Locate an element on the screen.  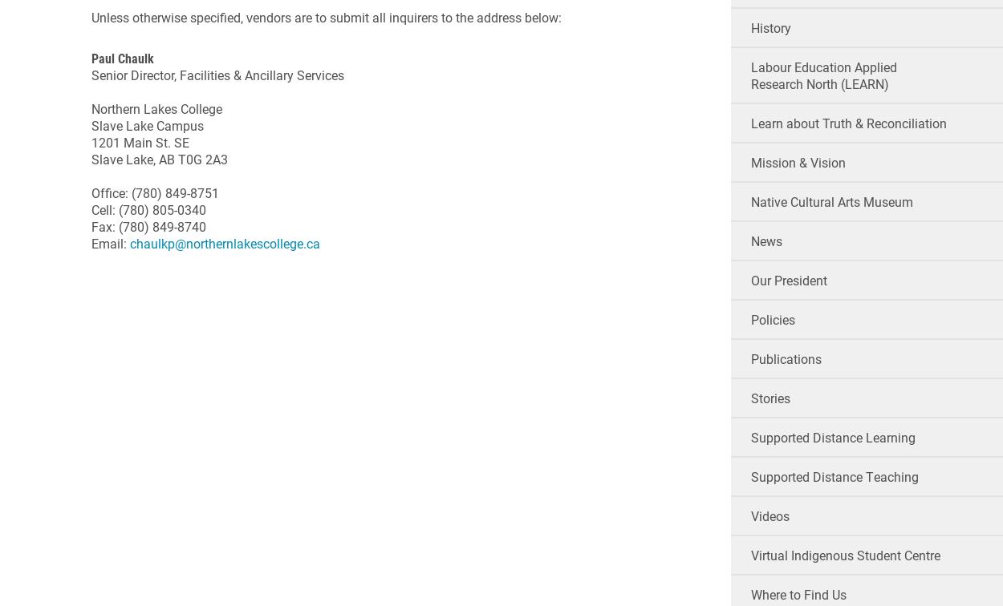
'Fax: (780) 849-8740' is located at coordinates (150, 225).